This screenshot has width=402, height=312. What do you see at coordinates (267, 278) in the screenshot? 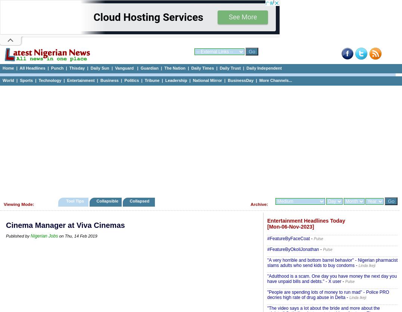
I see `'"Adulthood is a scam. One day you have money the next day you have unpaid bills and debts." - X user'` at bounding box center [267, 278].